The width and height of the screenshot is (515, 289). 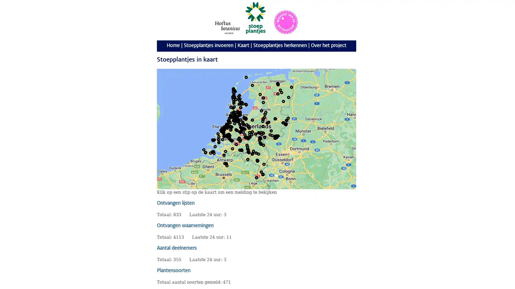 What do you see at coordinates (257, 160) in the screenshot?
I see `Telling van Ton Frenken op 20 april 2022` at bounding box center [257, 160].